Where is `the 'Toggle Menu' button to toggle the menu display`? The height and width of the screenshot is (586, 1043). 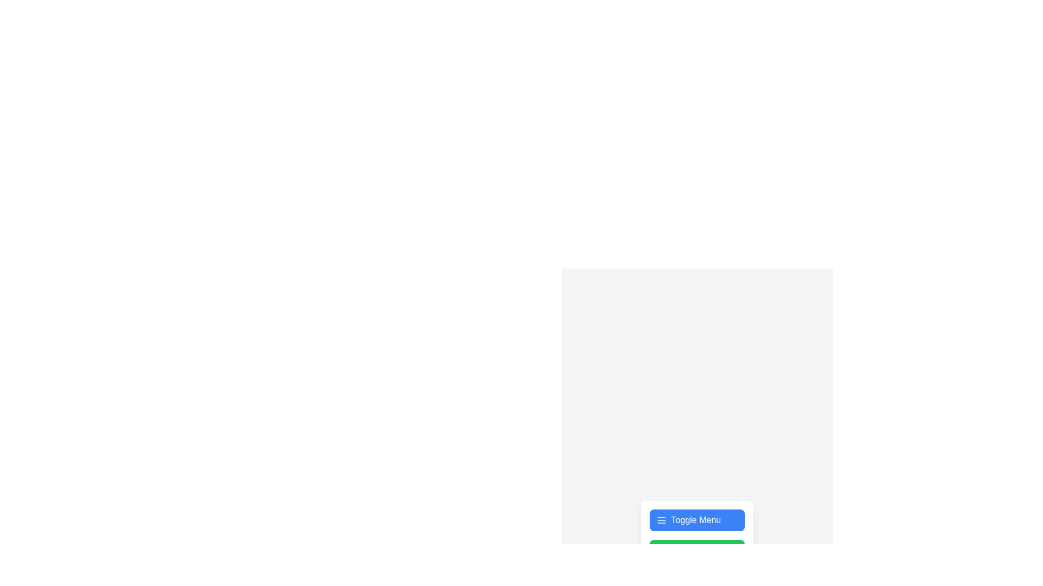 the 'Toggle Menu' button to toggle the menu display is located at coordinates (697, 520).